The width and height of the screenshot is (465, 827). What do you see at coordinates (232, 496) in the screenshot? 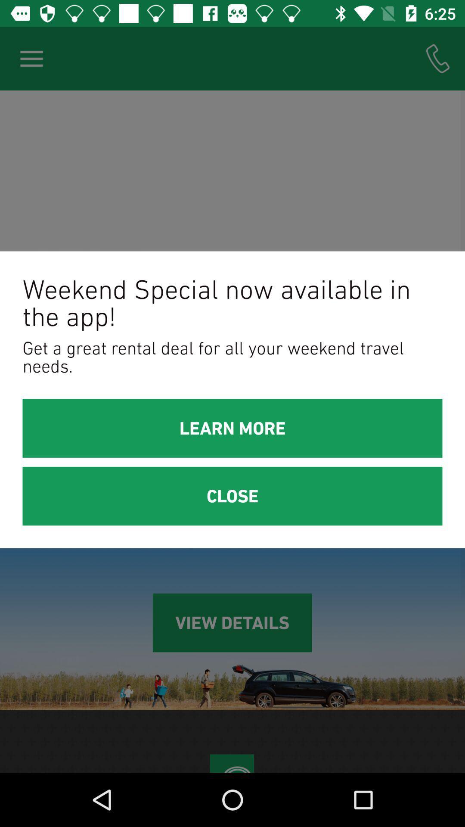
I see `icon below learn more icon` at bounding box center [232, 496].